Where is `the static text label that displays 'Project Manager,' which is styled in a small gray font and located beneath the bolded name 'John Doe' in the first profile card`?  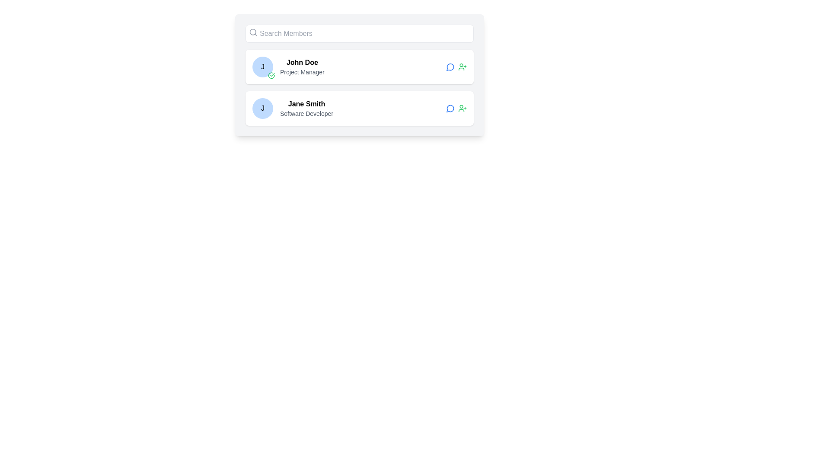
the static text label that displays 'Project Manager,' which is styled in a small gray font and located beneath the bolded name 'John Doe' in the first profile card is located at coordinates (302, 71).